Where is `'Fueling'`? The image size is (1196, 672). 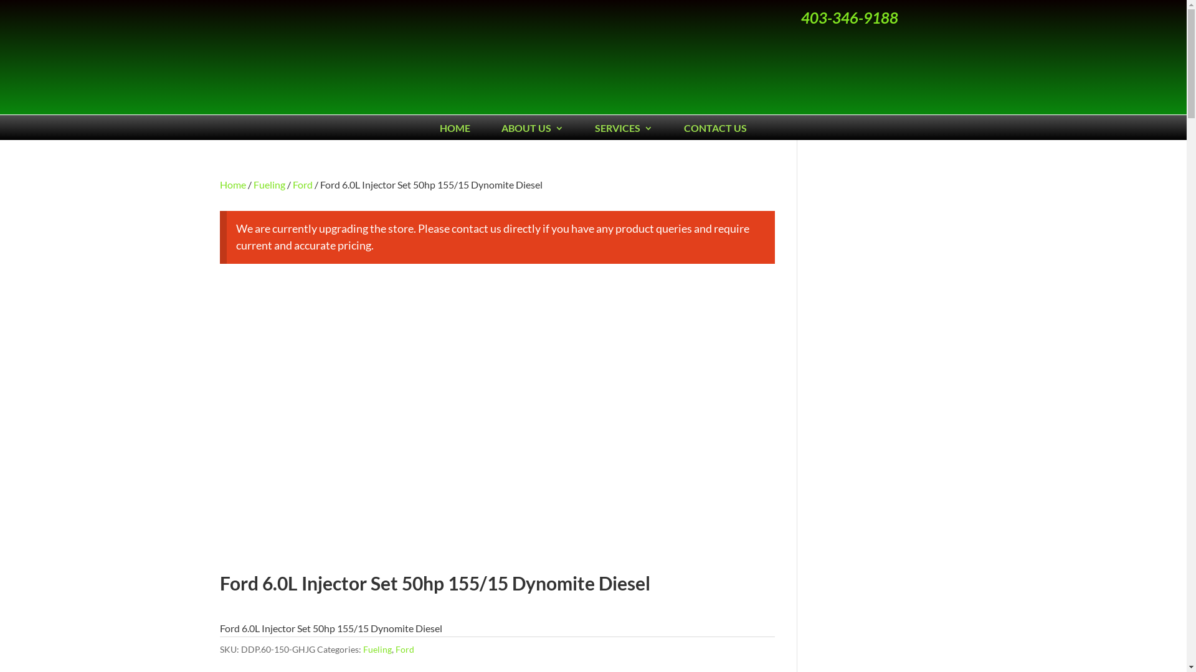
'Fueling' is located at coordinates (268, 184).